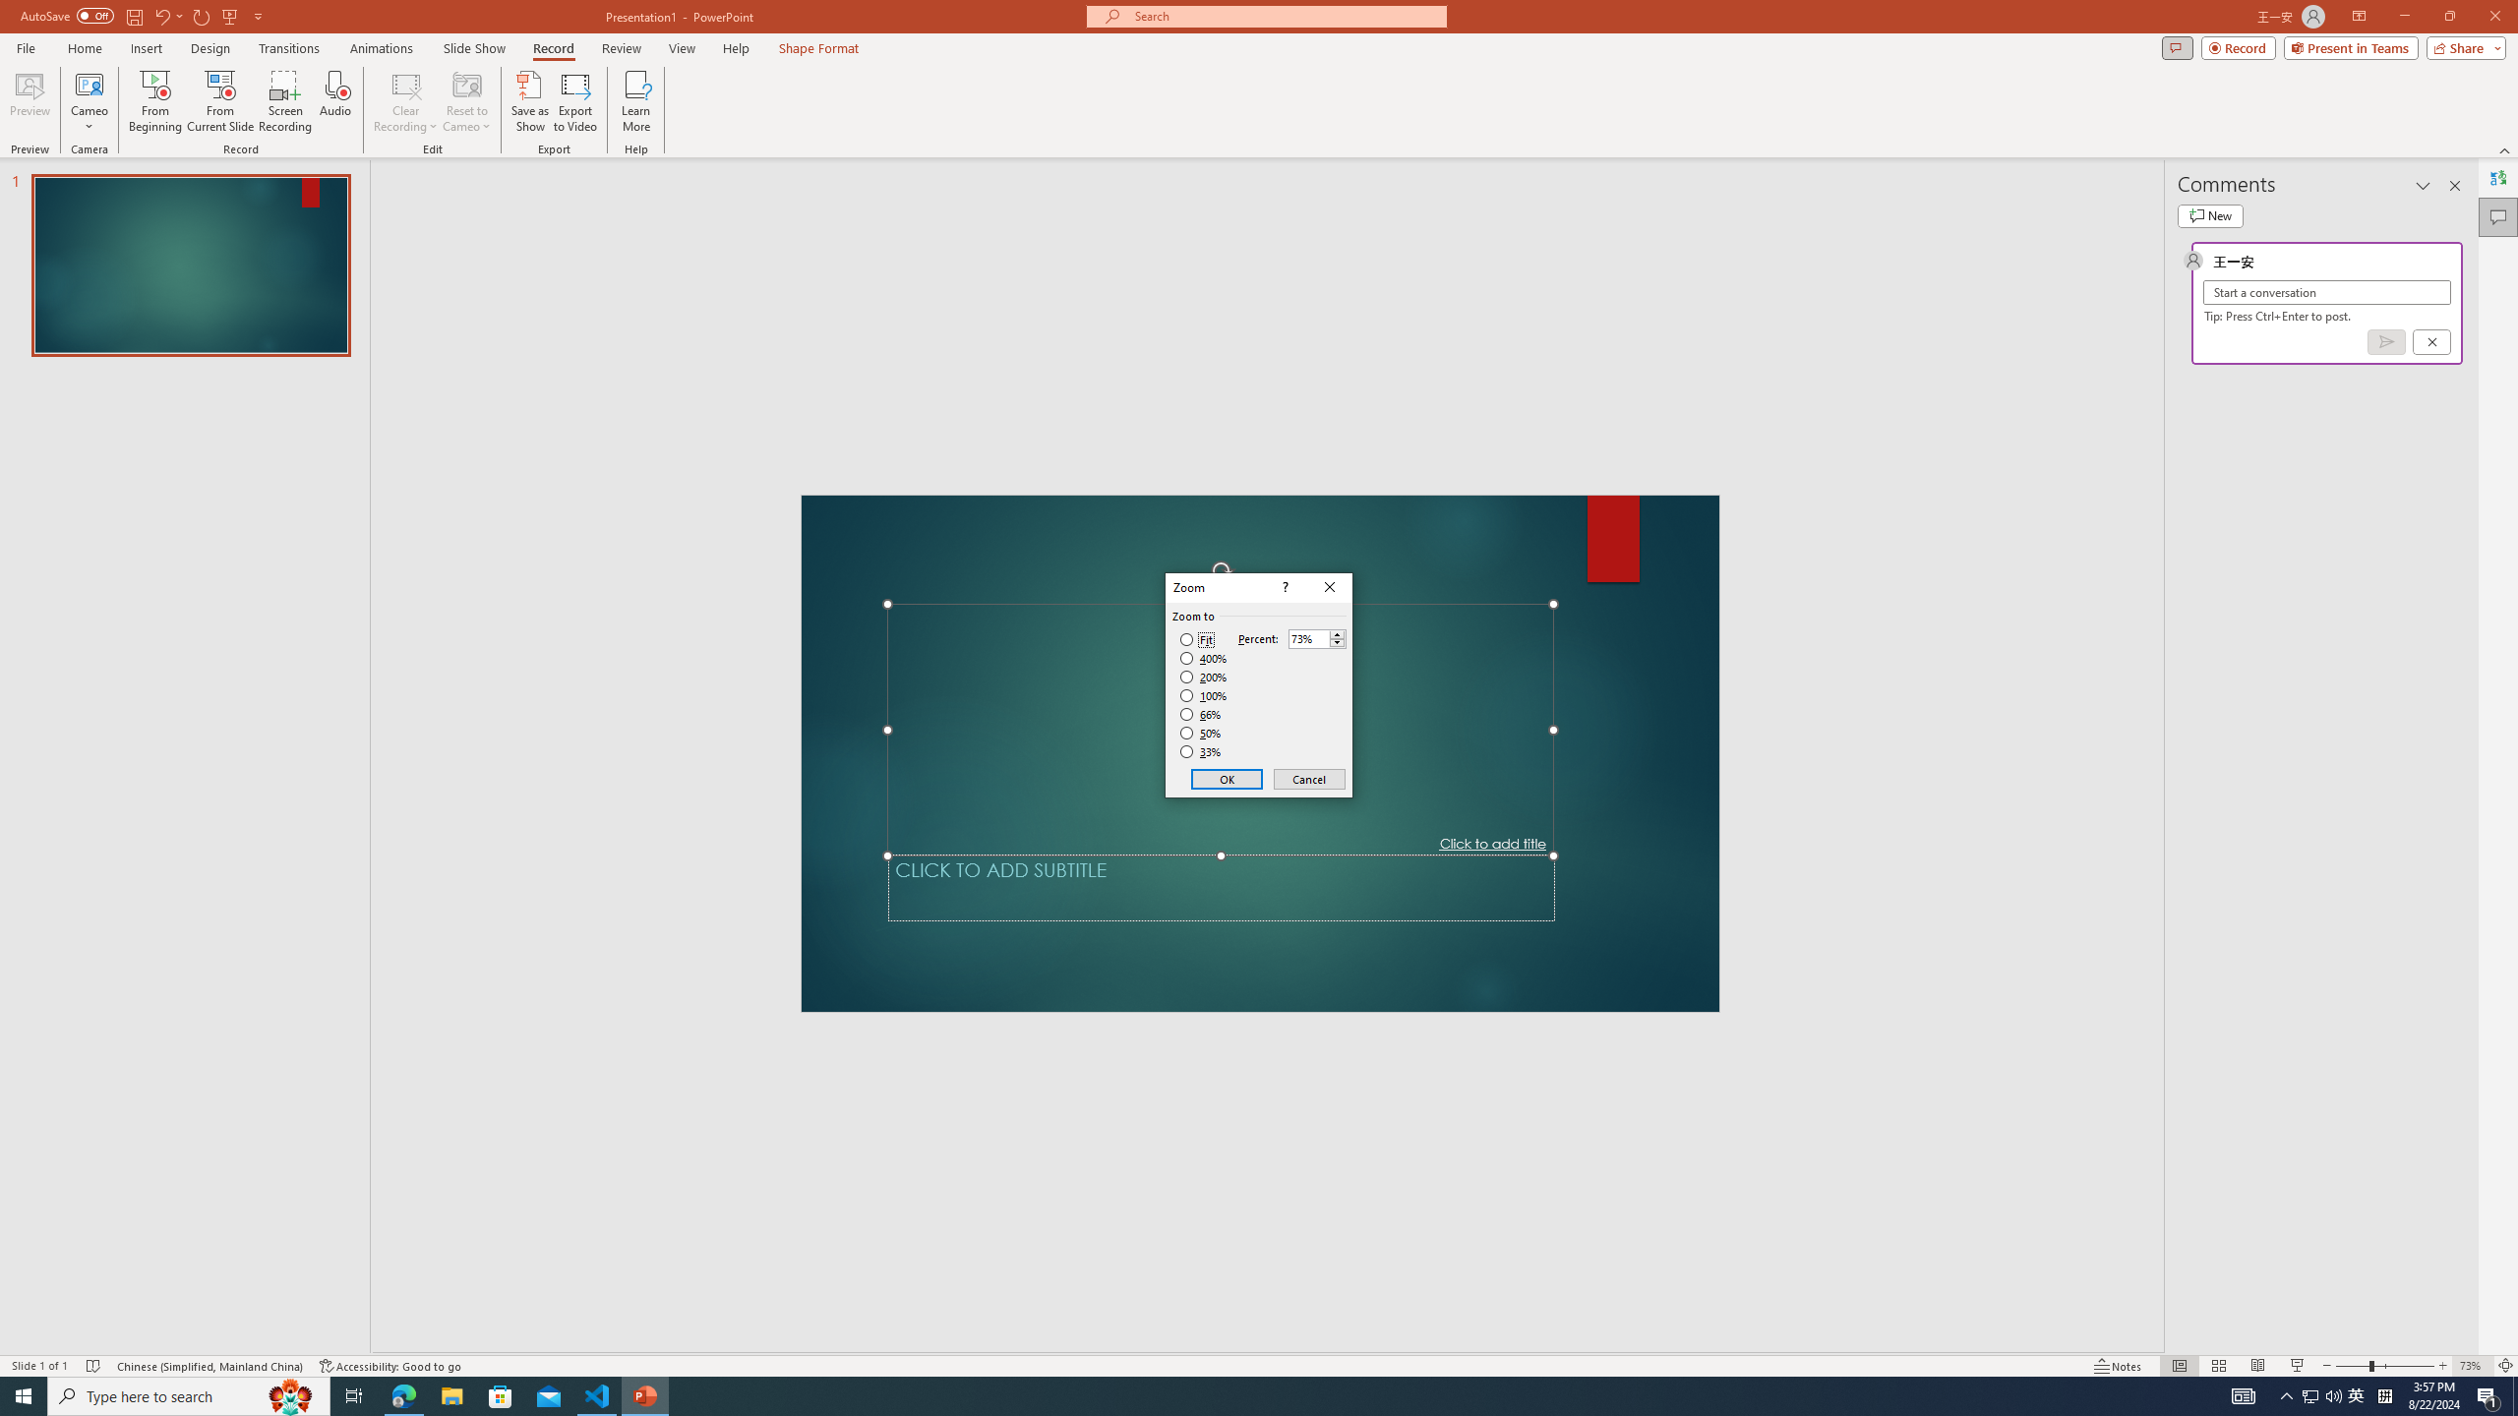 The image size is (2518, 1416). What do you see at coordinates (1318, 637) in the screenshot?
I see `'Percent'` at bounding box center [1318, 637].